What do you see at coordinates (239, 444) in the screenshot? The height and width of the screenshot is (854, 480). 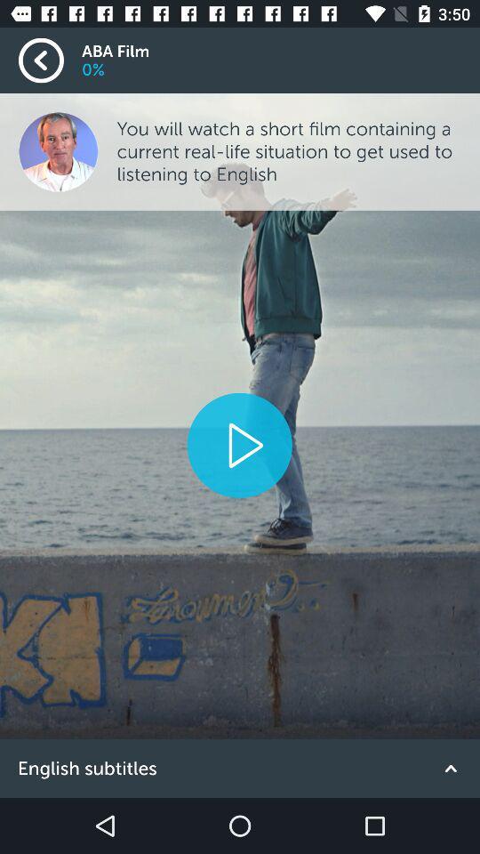 I see `the icon below you will watch item` at bounding box center [239, 444].